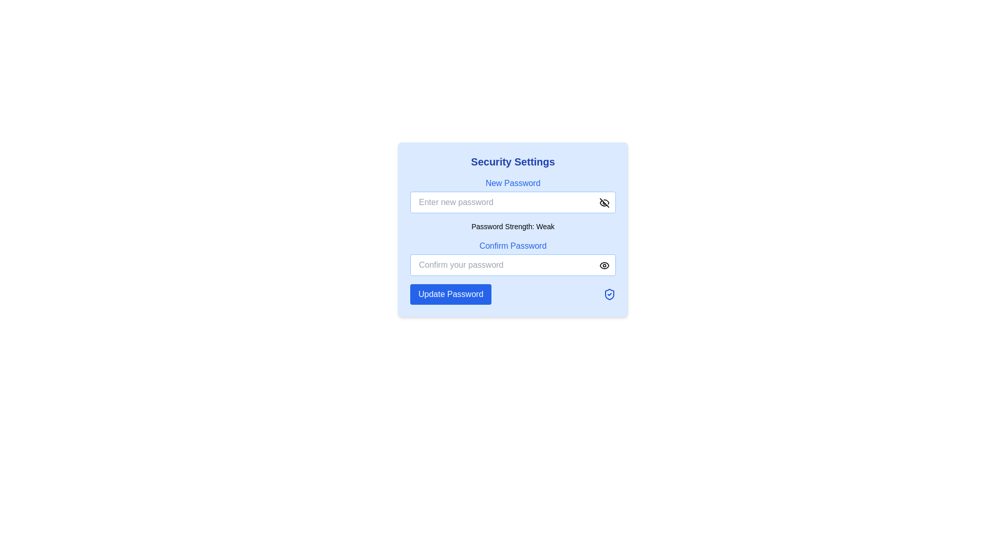 This screenshot has width=987, height=555. Describe the element at coordinates (609, 294) in the screenshot. I see `the blue shield-shaped icon positioned to the right of the 'Update Password' button within the 'Security Settings' box` at that location.